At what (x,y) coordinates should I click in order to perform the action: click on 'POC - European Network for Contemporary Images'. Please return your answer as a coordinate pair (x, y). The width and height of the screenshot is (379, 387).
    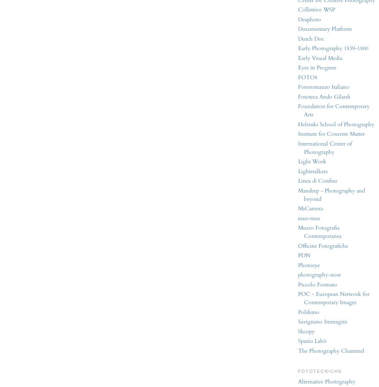
    Looking at the image, I should click on (333, 298).